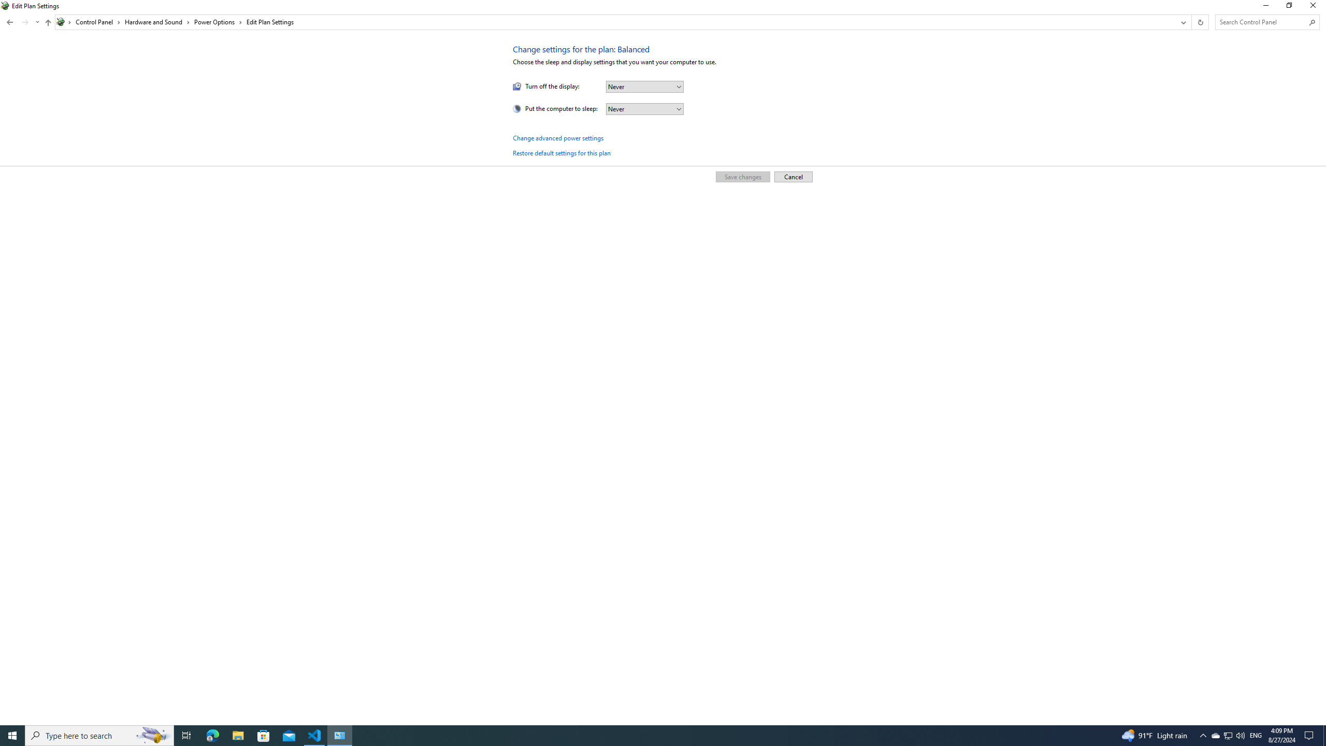  What do you see at coordinates (1239, 735) in the screenshot?
I see `'Q2790: 100%'` at bounding box center [1239, 735].